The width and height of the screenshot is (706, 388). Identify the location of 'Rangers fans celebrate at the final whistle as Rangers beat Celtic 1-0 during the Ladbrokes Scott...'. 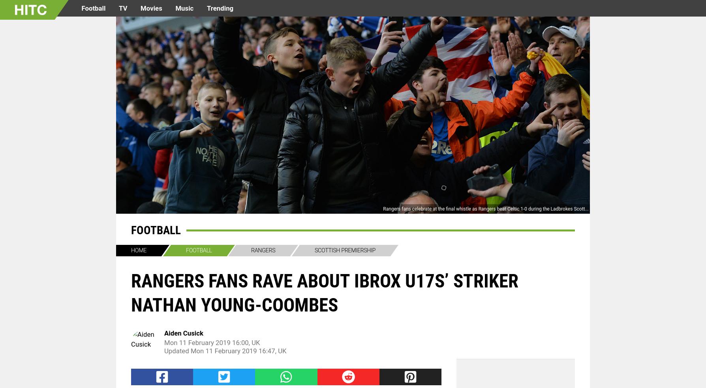
(485, 208).